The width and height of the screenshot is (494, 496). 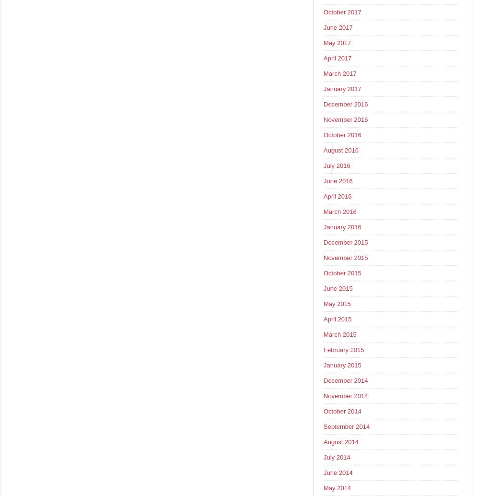 I want to click on 'January 2015', so click(x=341, y=365).